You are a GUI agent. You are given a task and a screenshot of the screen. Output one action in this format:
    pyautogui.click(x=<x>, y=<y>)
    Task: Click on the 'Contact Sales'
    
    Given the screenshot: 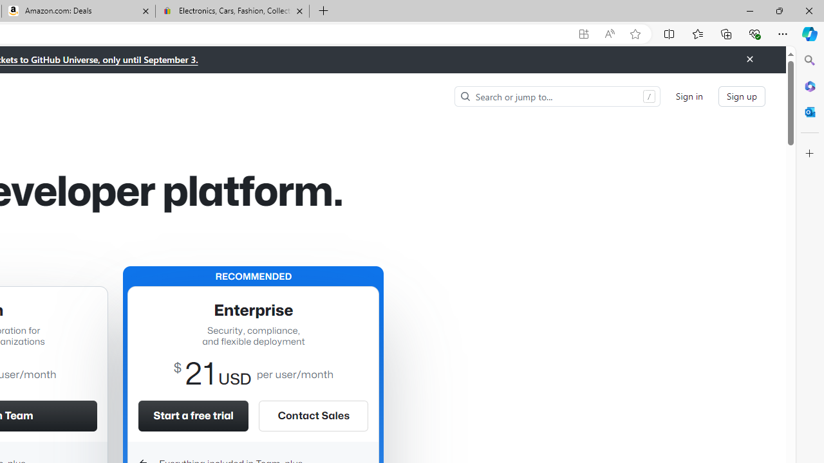 What is the action you would take?
    pyautogui.click(x=314, y=415)
    